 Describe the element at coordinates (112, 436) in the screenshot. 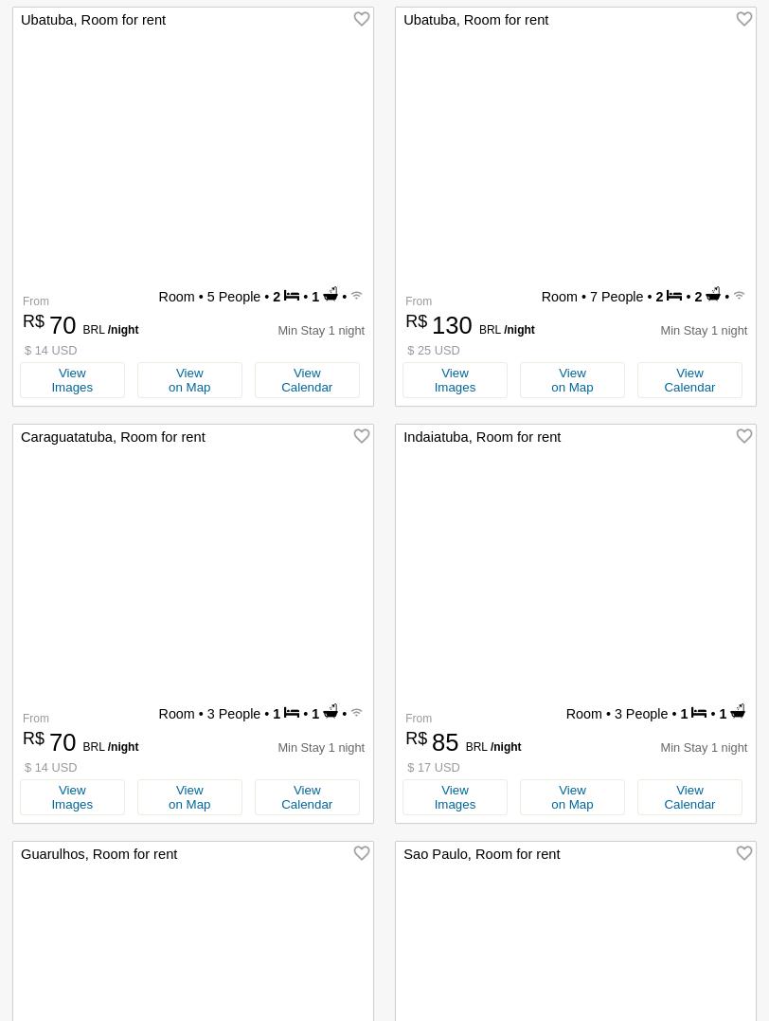

I see `'Caraguatatuba, Room for rent'` at that location.